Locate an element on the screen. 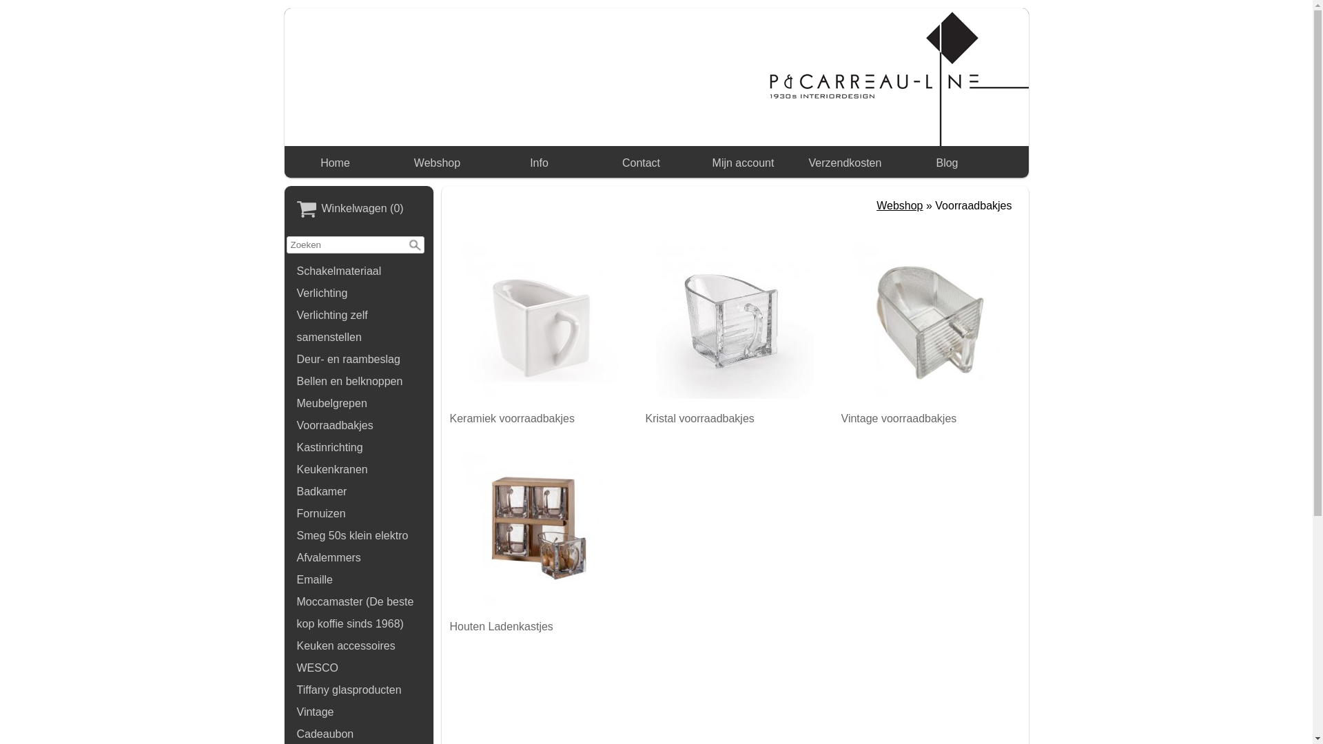 The width and height of the screenshot is (1323, 744). 'Blog' is located at coordinates (946, 162).